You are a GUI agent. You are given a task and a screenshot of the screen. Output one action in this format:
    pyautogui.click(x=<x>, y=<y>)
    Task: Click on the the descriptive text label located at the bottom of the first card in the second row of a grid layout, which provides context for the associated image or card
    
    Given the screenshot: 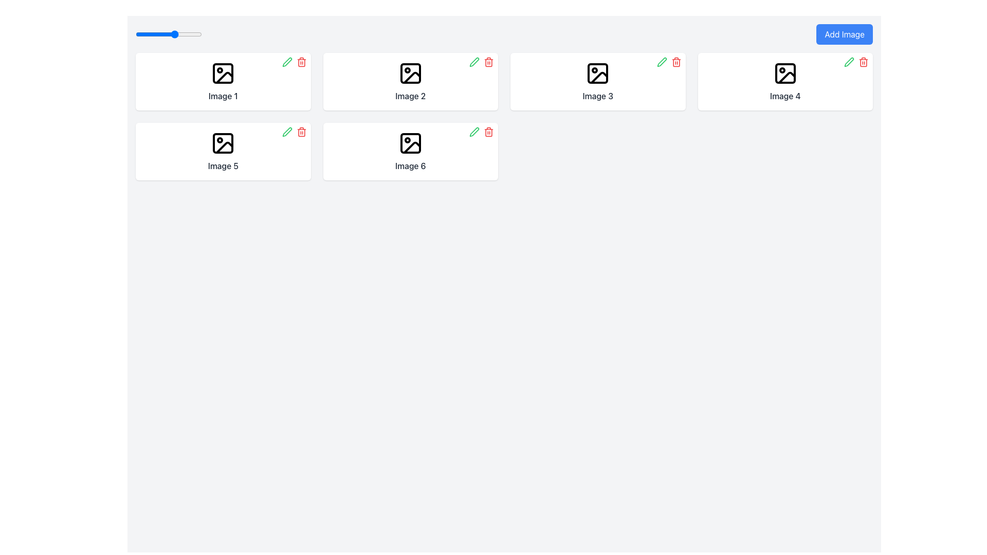 What is the action you would take?
    pyautogui.click(x=223, y=165)
    